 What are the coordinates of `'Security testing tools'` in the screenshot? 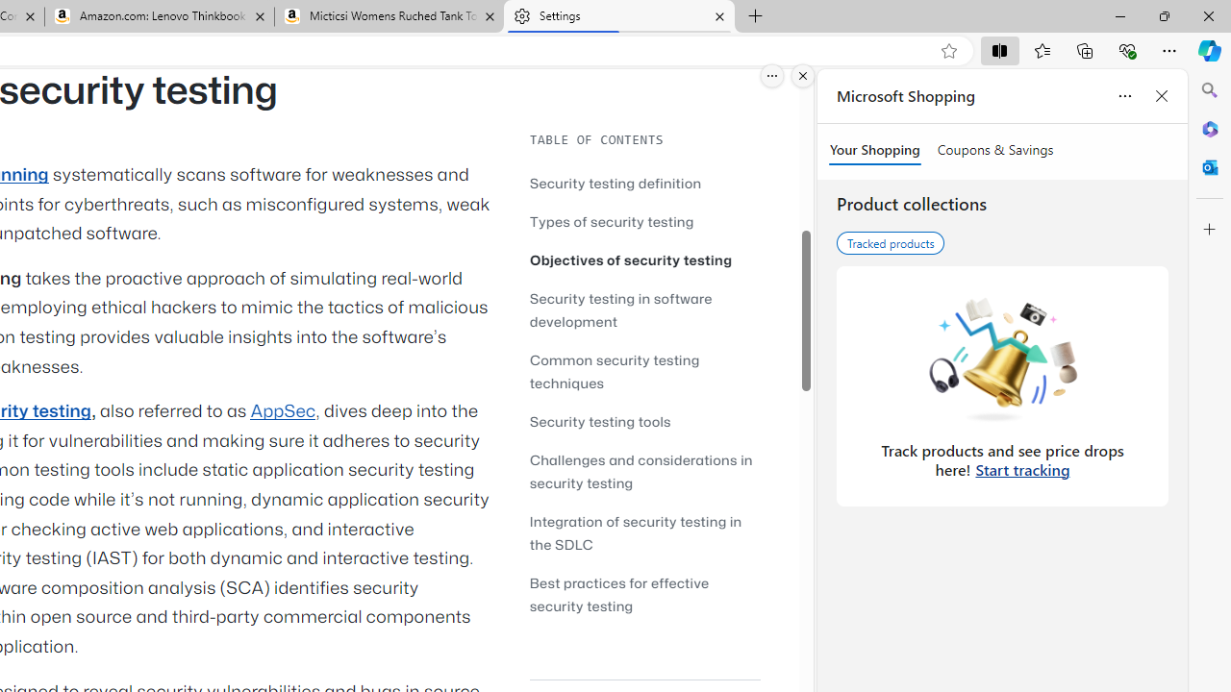 It's located at (599, 420).